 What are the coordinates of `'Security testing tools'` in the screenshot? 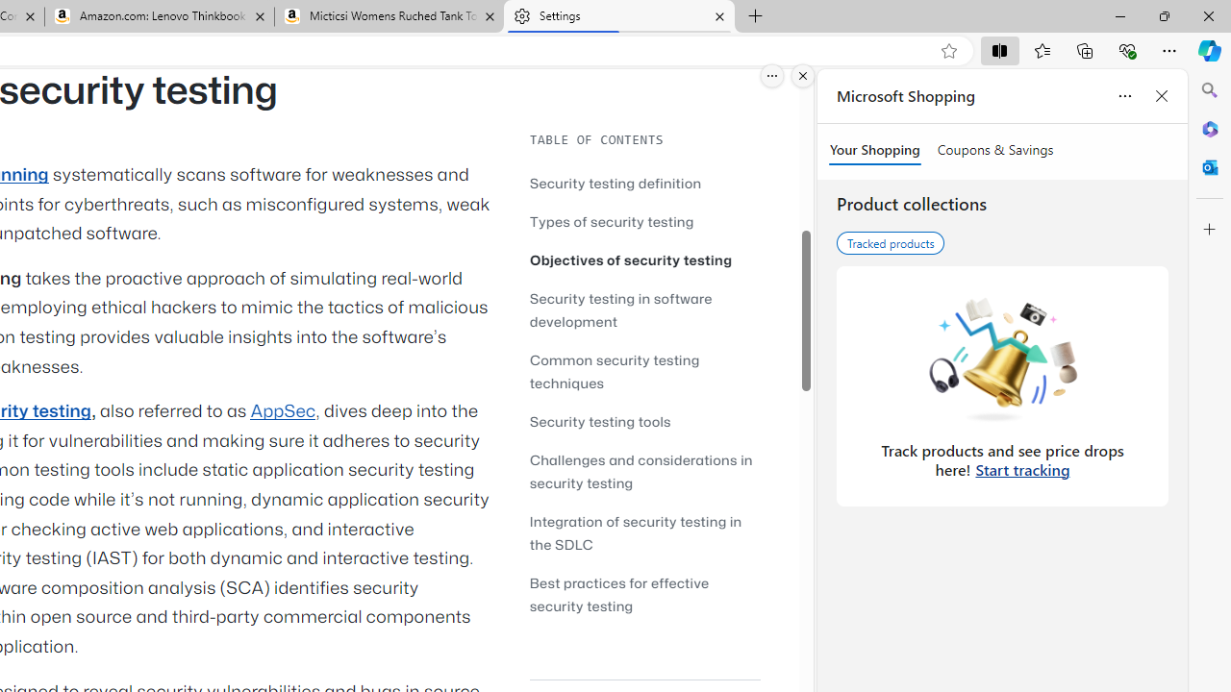 It's located at (599, 420).